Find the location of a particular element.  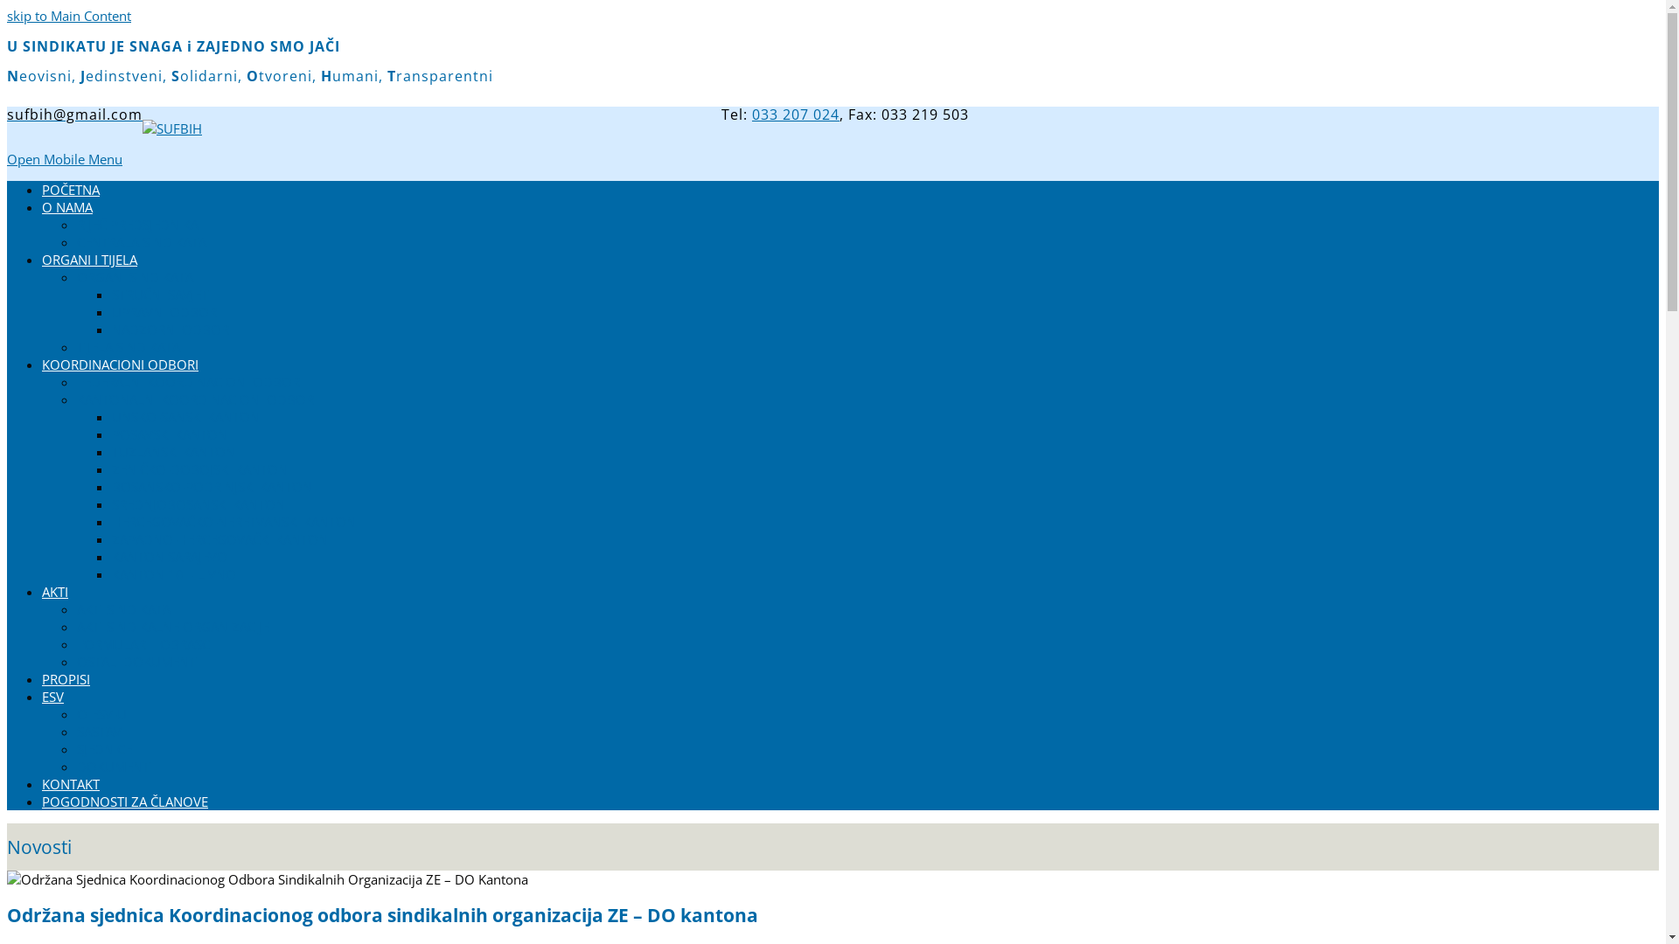

'AKTI SINDIKATA' is located at coordinates (122, 608).